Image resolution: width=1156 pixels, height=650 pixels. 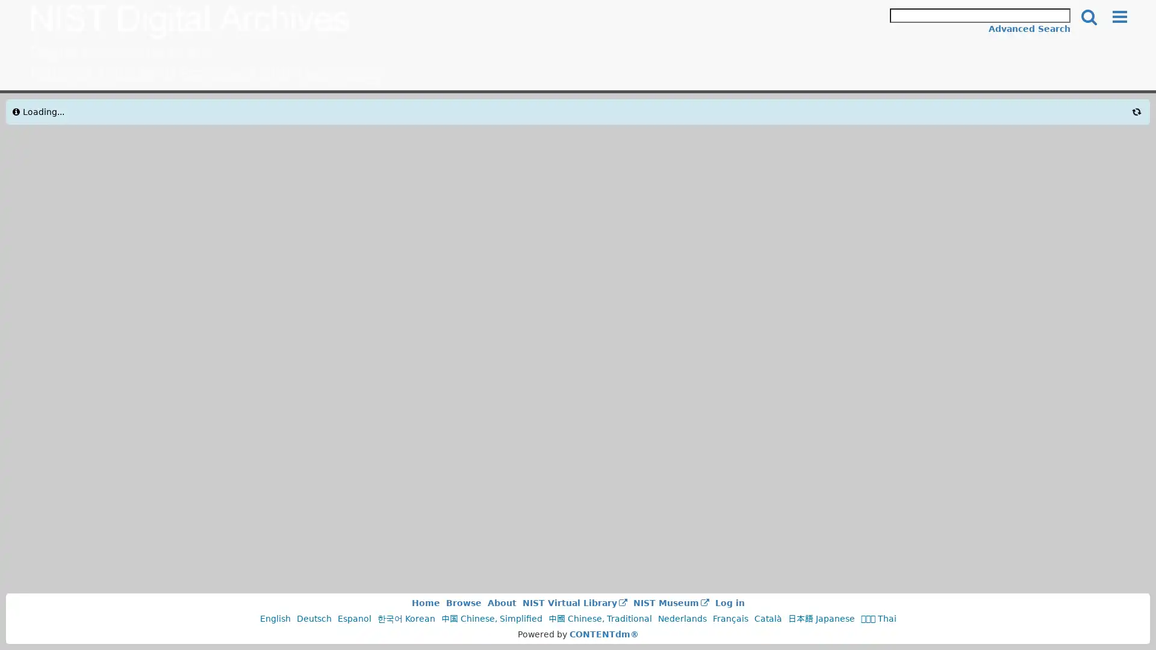 I want to click on Page 3, so click(x=701, y=211).